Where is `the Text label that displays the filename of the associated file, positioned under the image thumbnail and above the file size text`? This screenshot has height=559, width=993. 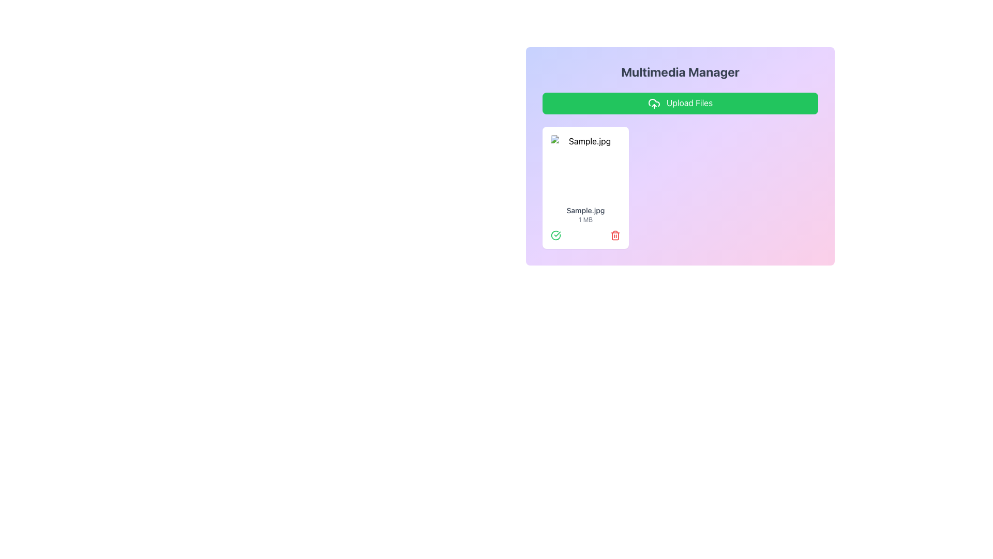
the Text label that displays the filename of the associated file, positioned under the image thumbnail and above the file size text is located at coordinates (585, 210).